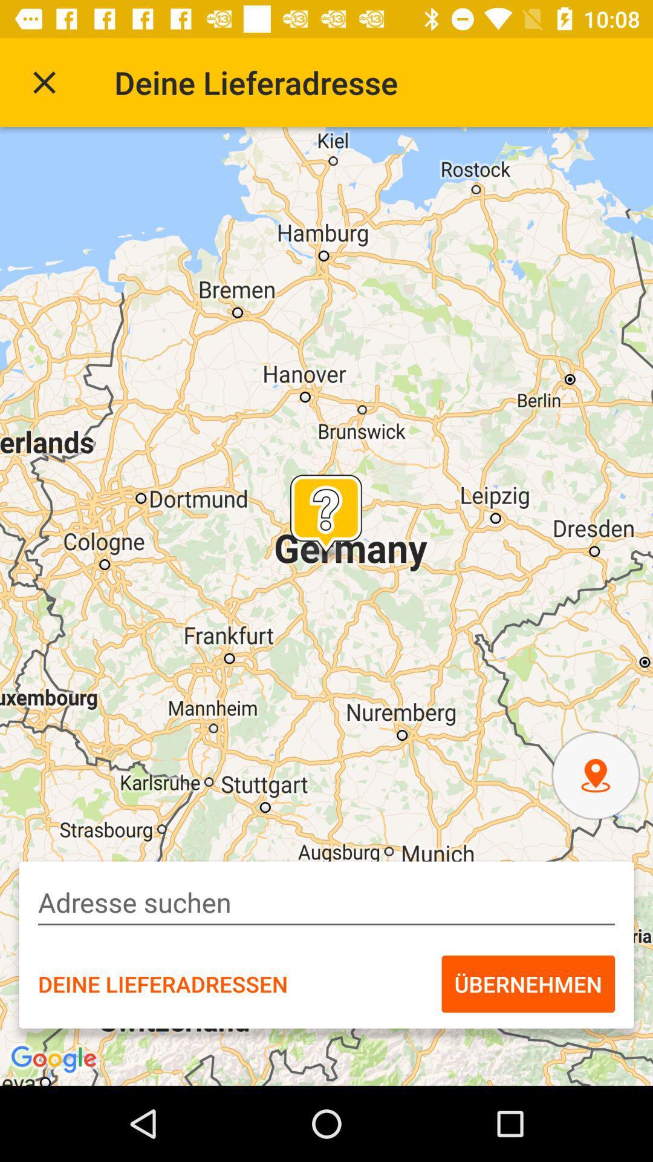 Image resolution: width=653 pixels, height=1162 pixels. What do you see at coordinates (44, 82) in the screenshot?
I see `icon next to the deine lieferadresse icon` at bounding box center [44, 82].